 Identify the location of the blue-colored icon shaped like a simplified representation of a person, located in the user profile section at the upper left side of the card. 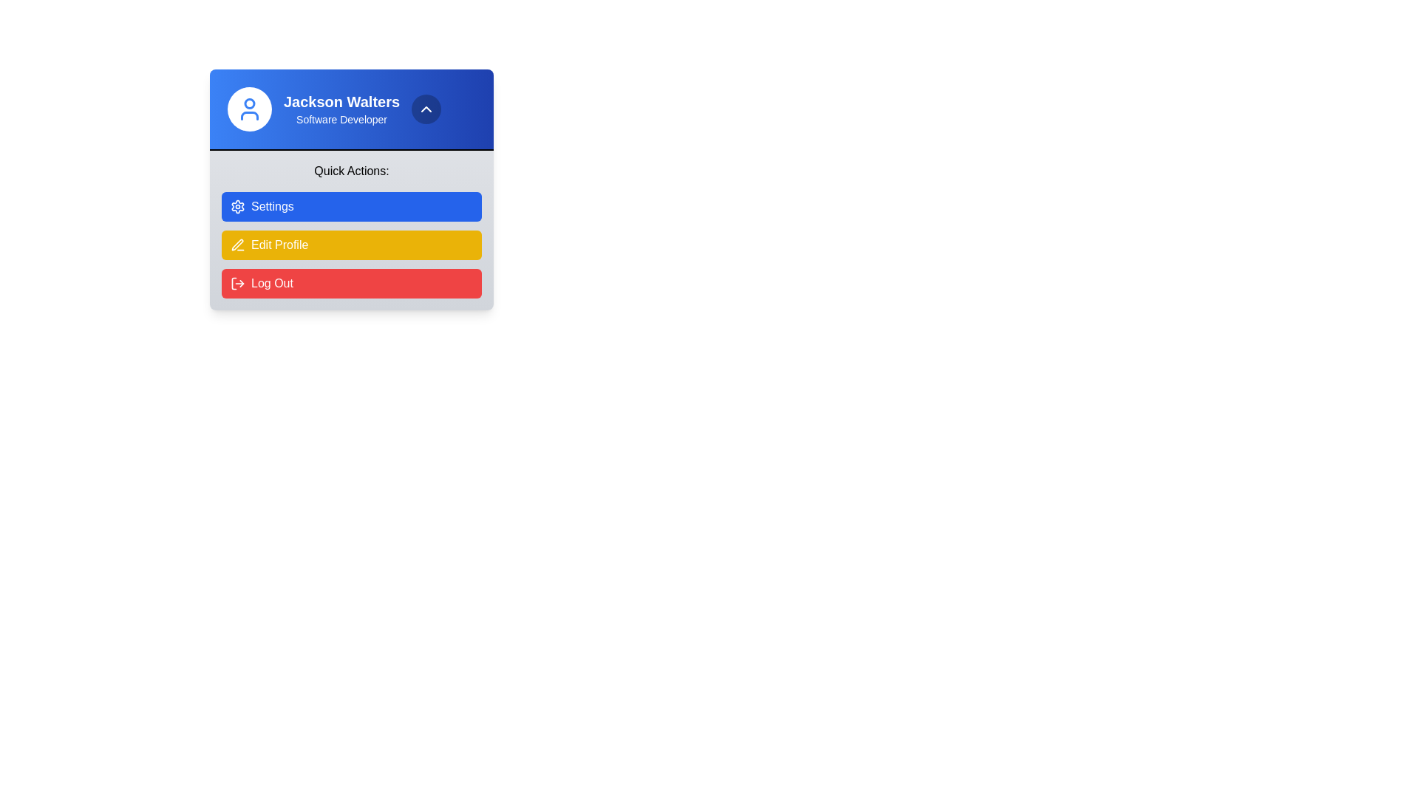
(249, 108).